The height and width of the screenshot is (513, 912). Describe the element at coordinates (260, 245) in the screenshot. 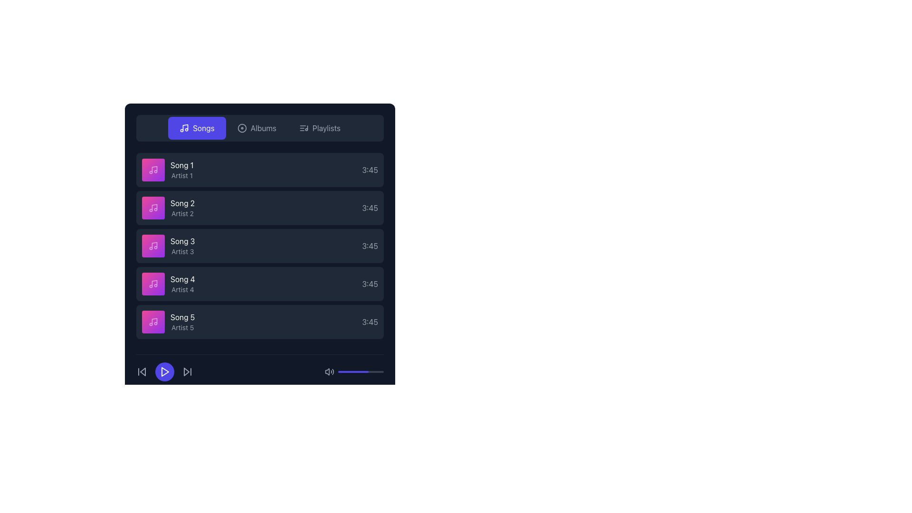

I see `the third item in the playlist interface to play or select the music track, which displays the track's title, artist, and duration` at that location.